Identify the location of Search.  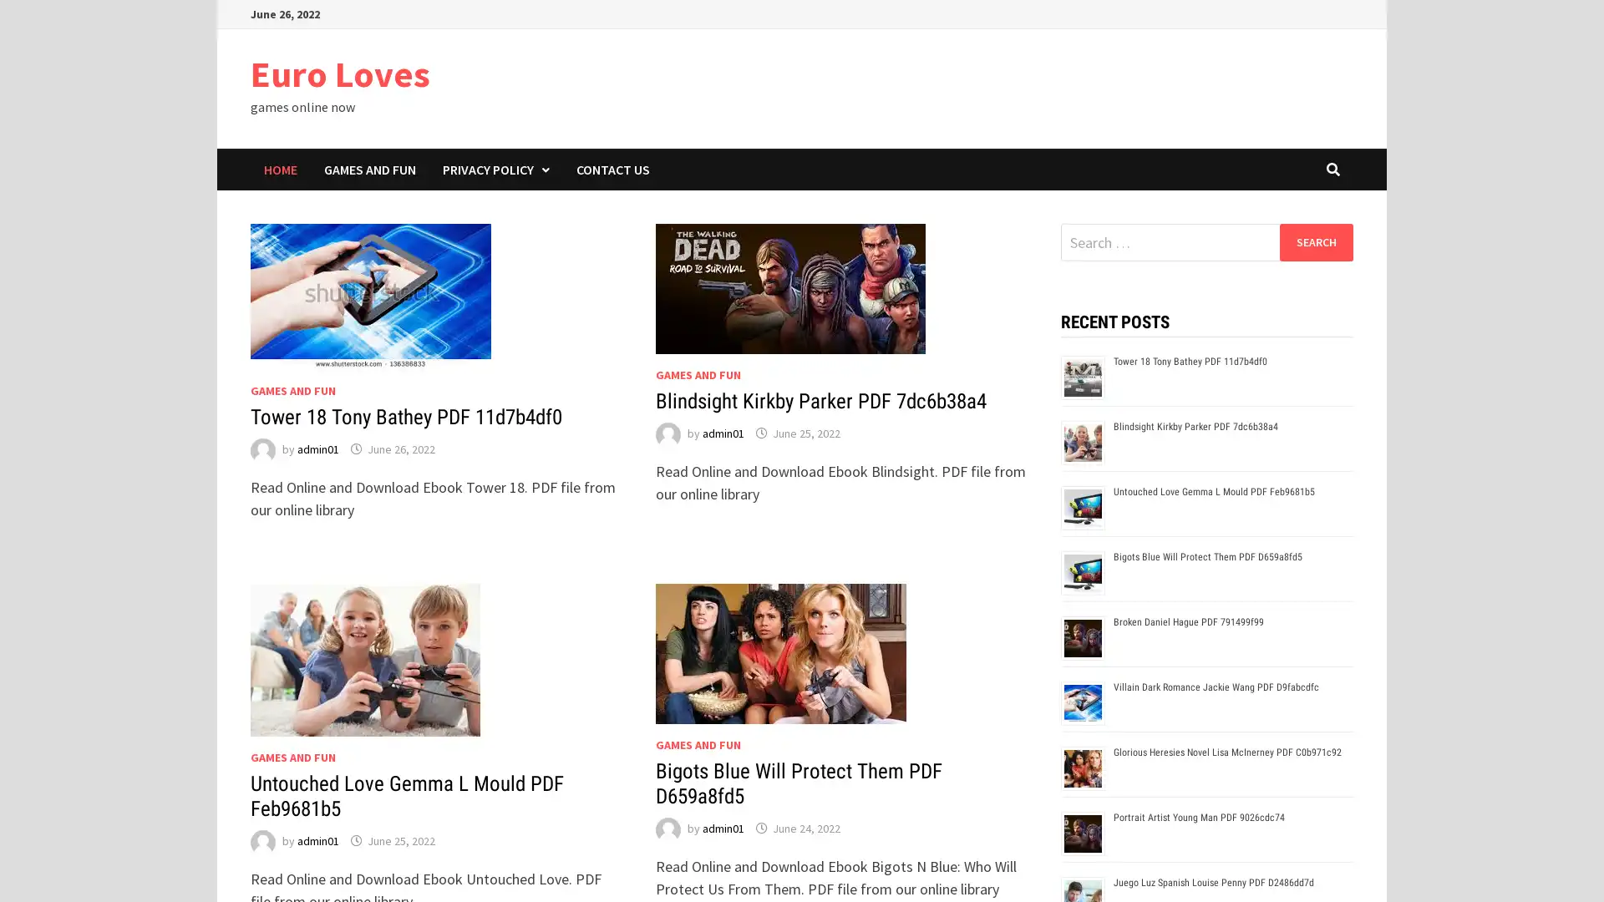
(1315, 241).